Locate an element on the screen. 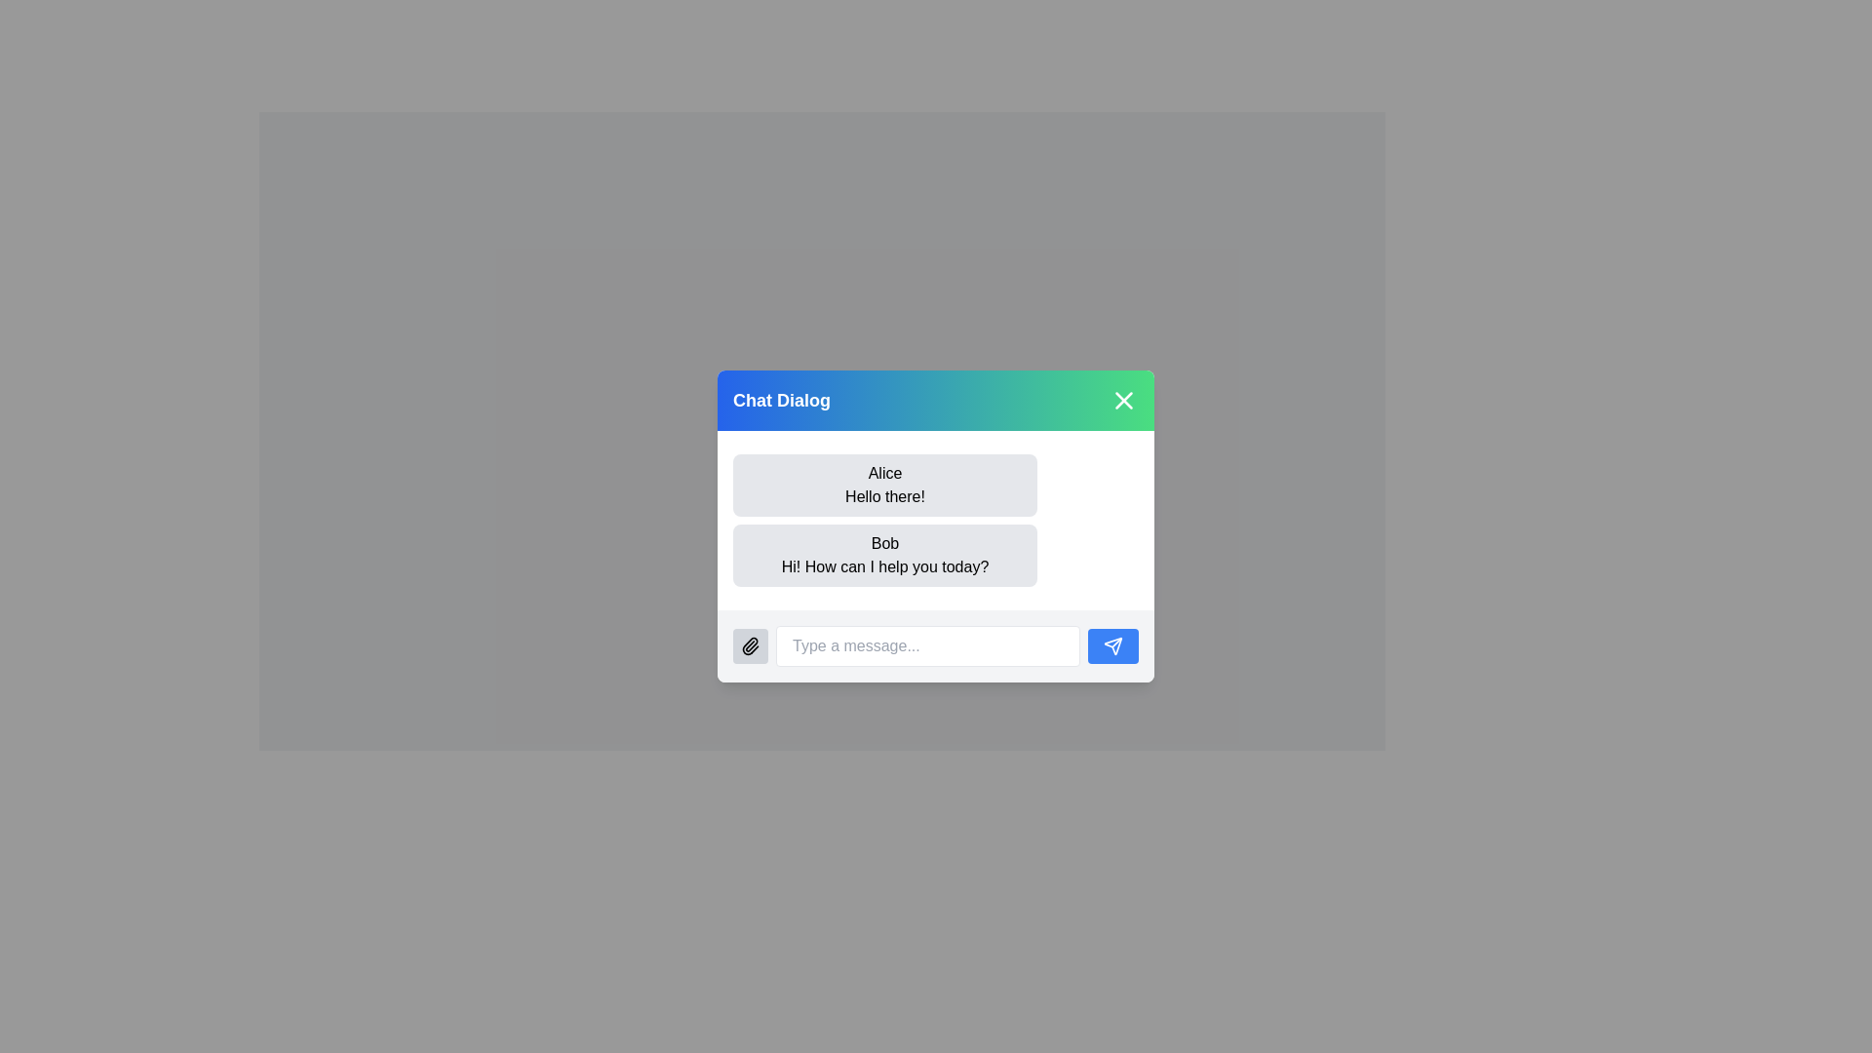 The image size is (1872, 1053). the Text label displaying 'Hello there!' located in the chat interface below the name 'Alice' is located at coordinates (883, 495).